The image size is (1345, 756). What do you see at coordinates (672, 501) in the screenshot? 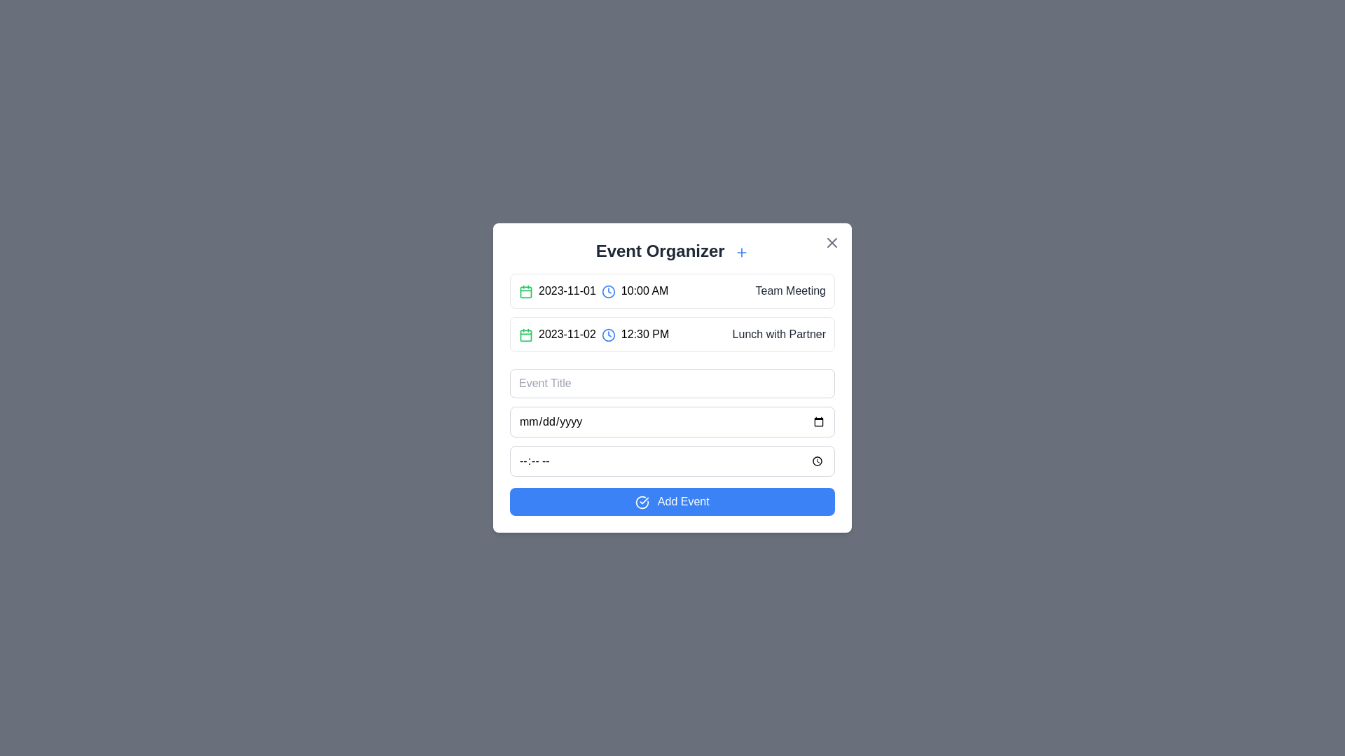
I see `the submission button located at the bottom of the 'Event Organizer' modal` at bounding box center [672, 501].